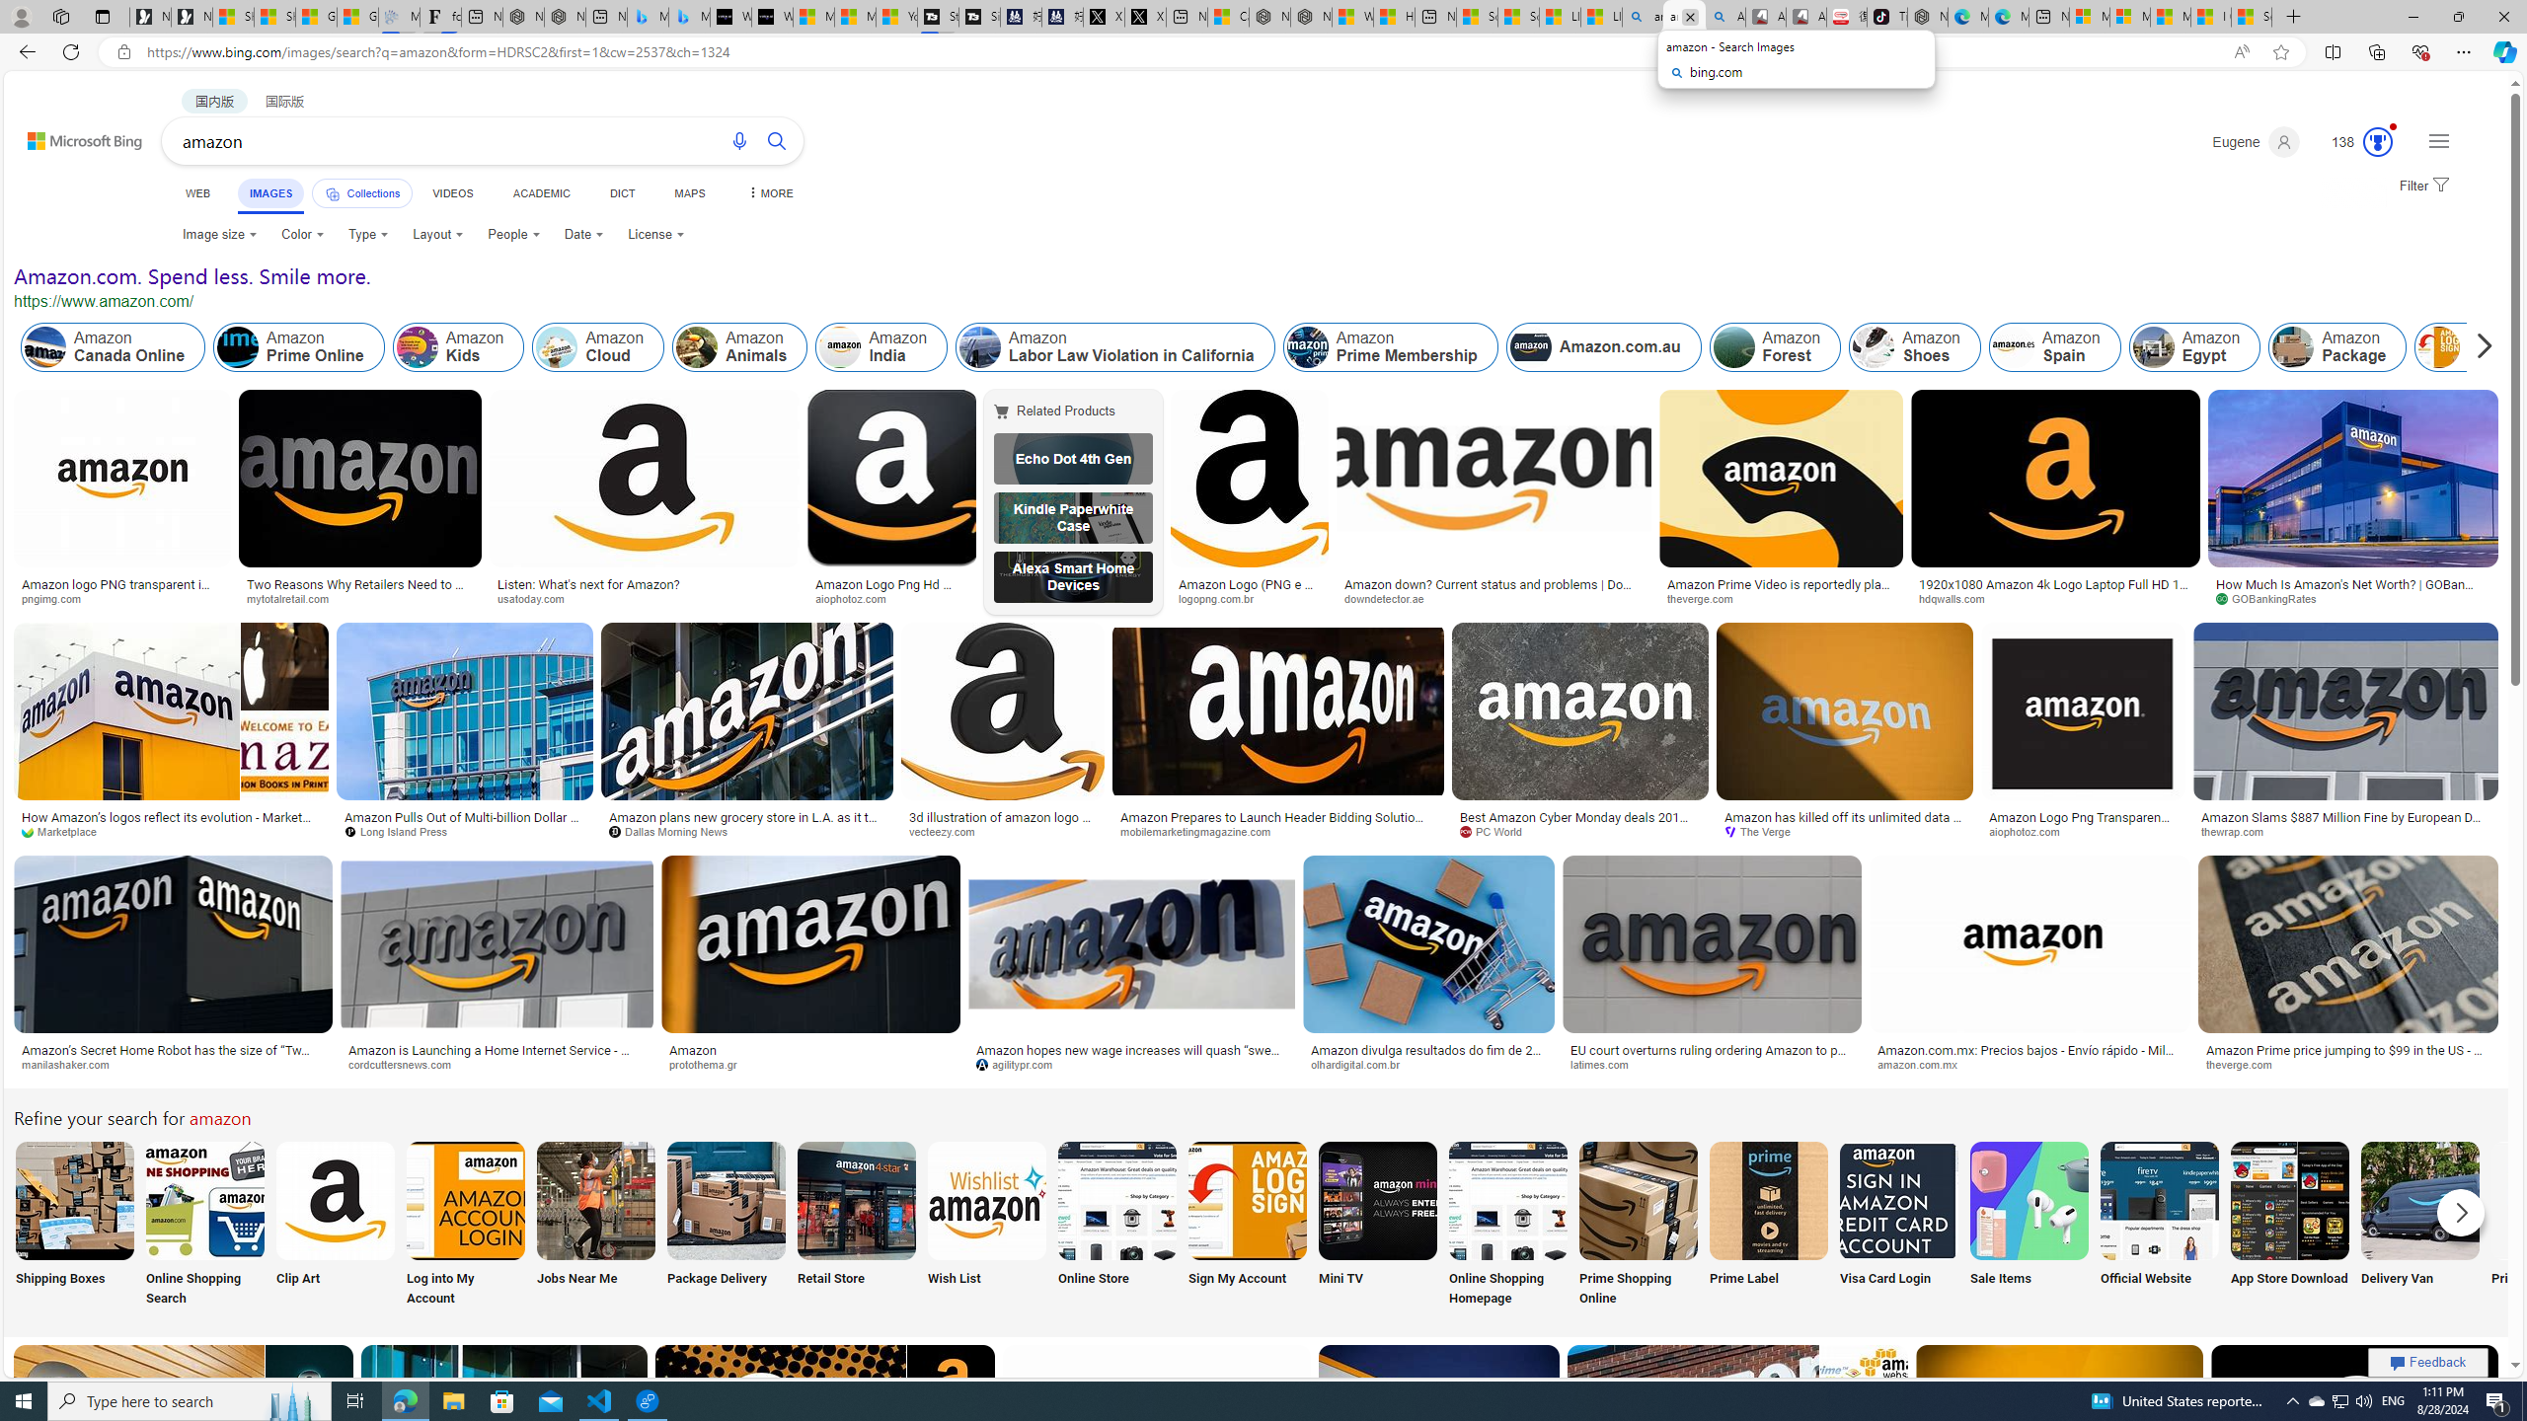 The height and width of the screenshot is (1421, 2527). What do you see at coordinates (451, 192) in the screenshot?
I see `'VIDEOS'` at bounding box center [451, 192].